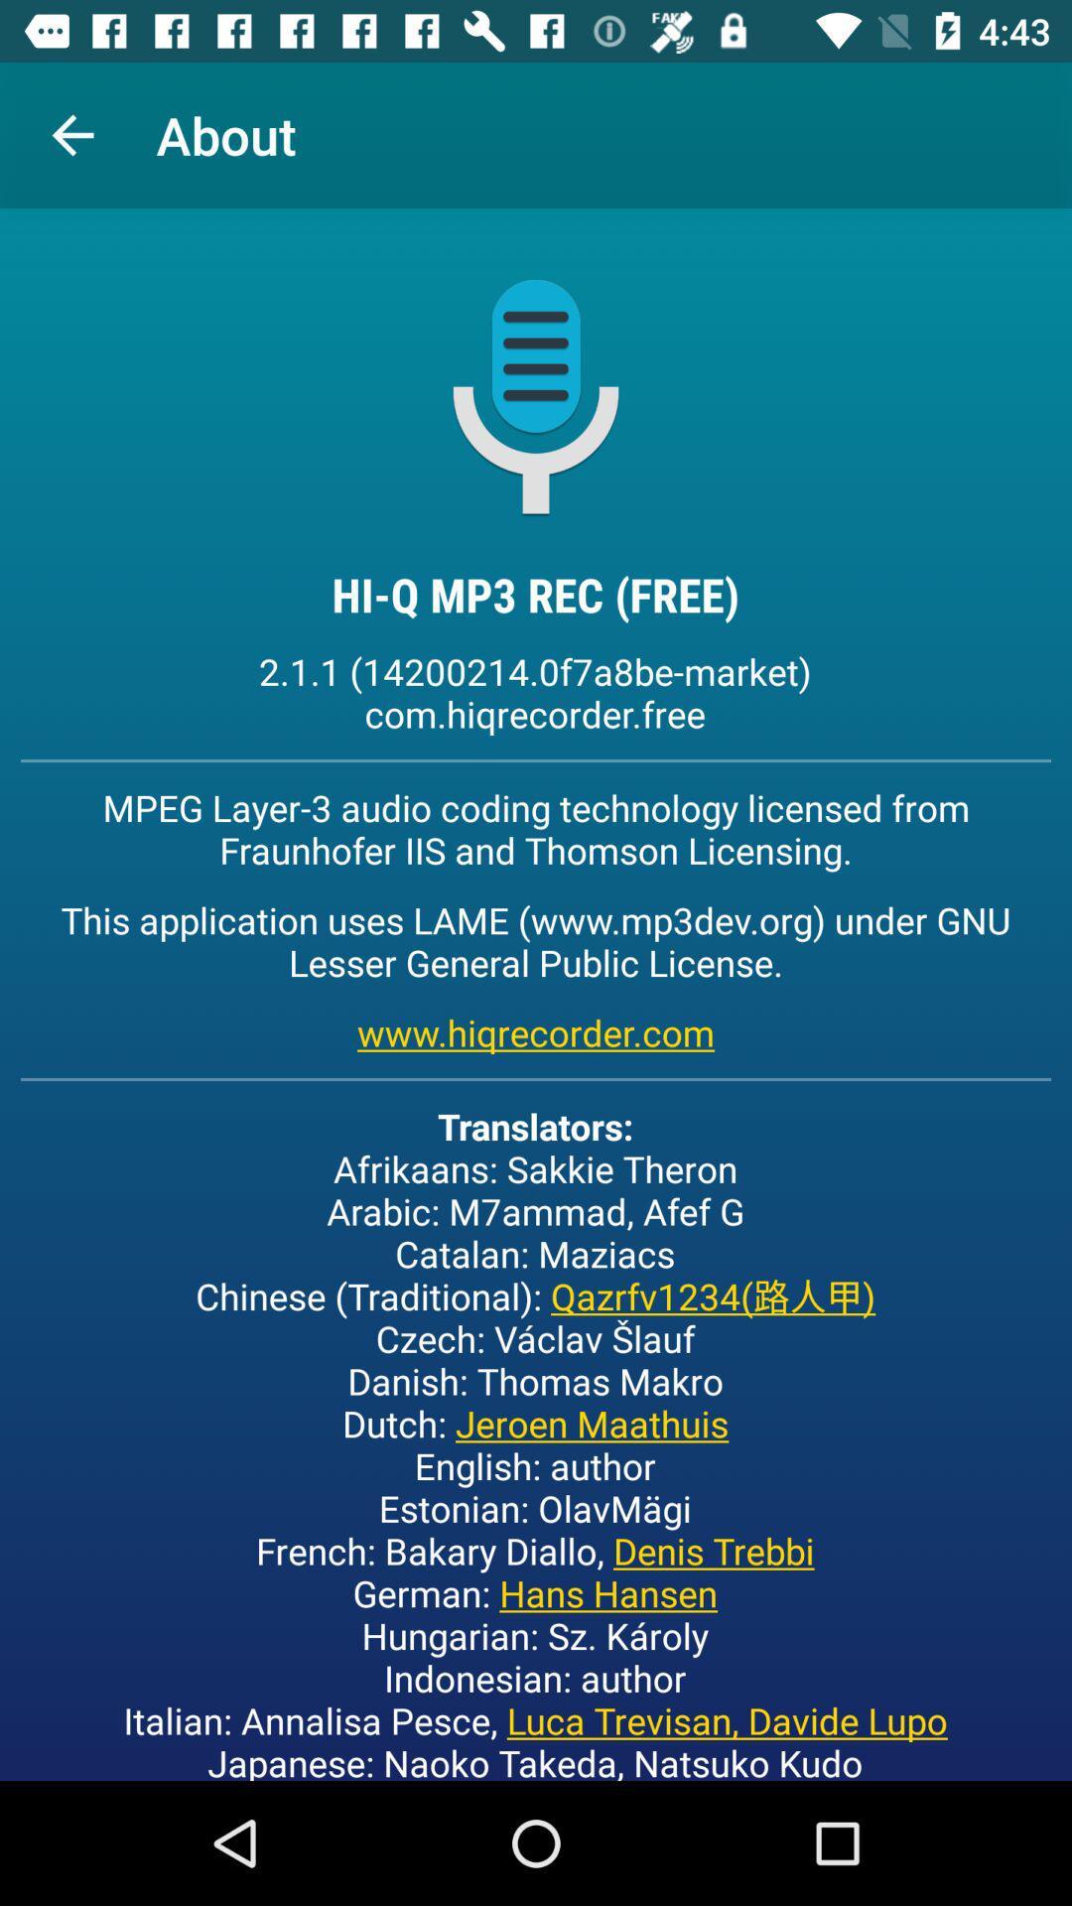 The width and height of the screenshot is (1072, 1906). What do you see at coordinates (71, 134) in the screenshot?
I see `item next to about item` at bounding box center [71, 134].